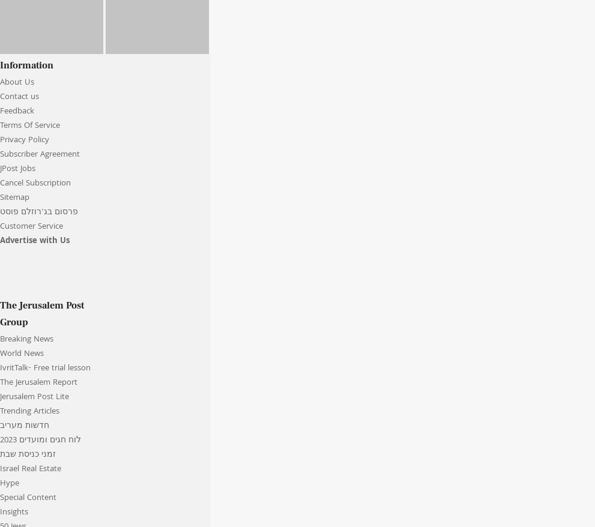 This screenshot has width=595, height=527. What do you see at coordinates (8, 483) in the screenshot?
I see `'Hype'` at bounding box center [8, 483].